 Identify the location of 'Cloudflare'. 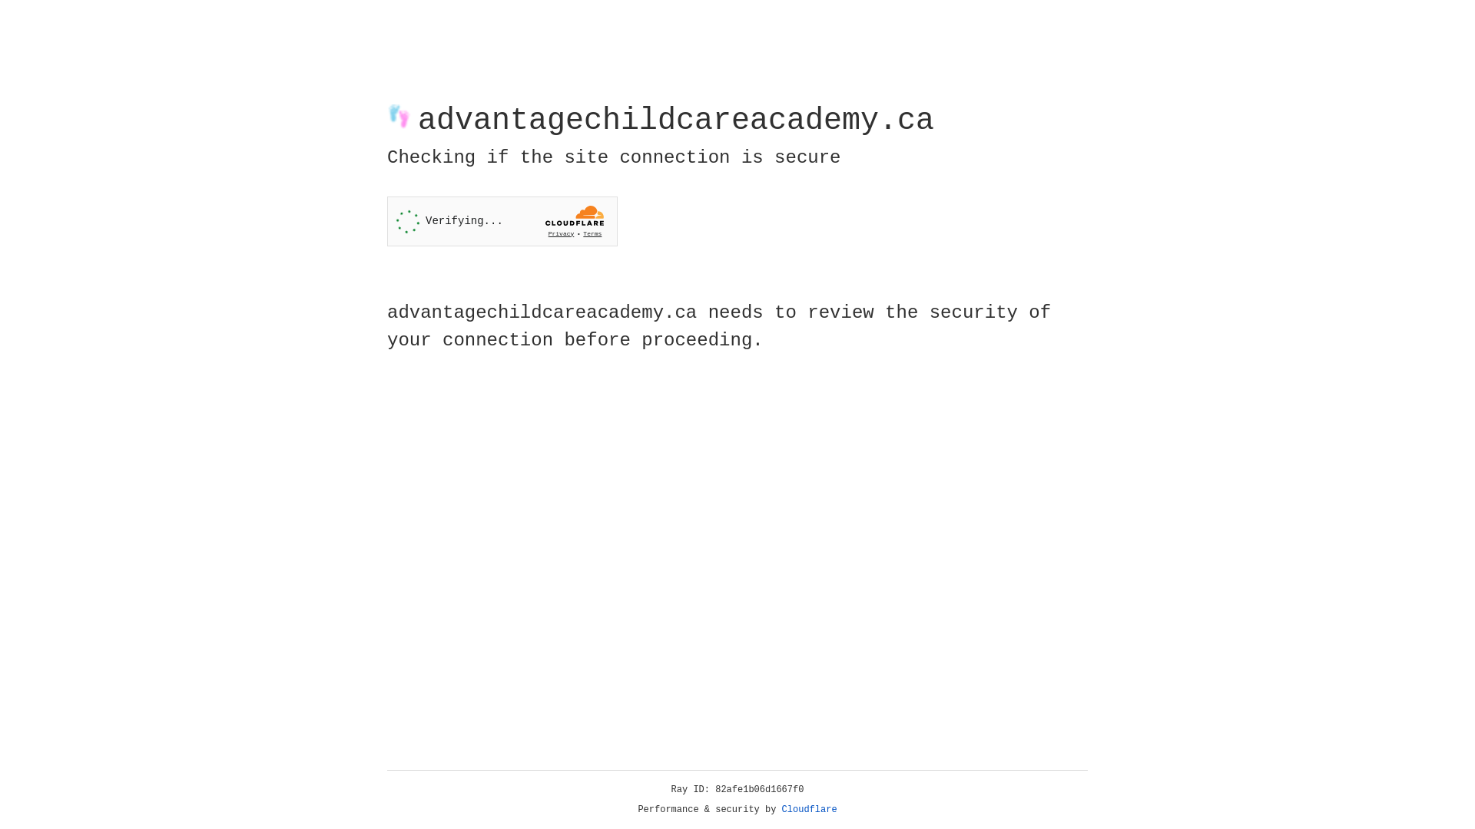
(809, 809).